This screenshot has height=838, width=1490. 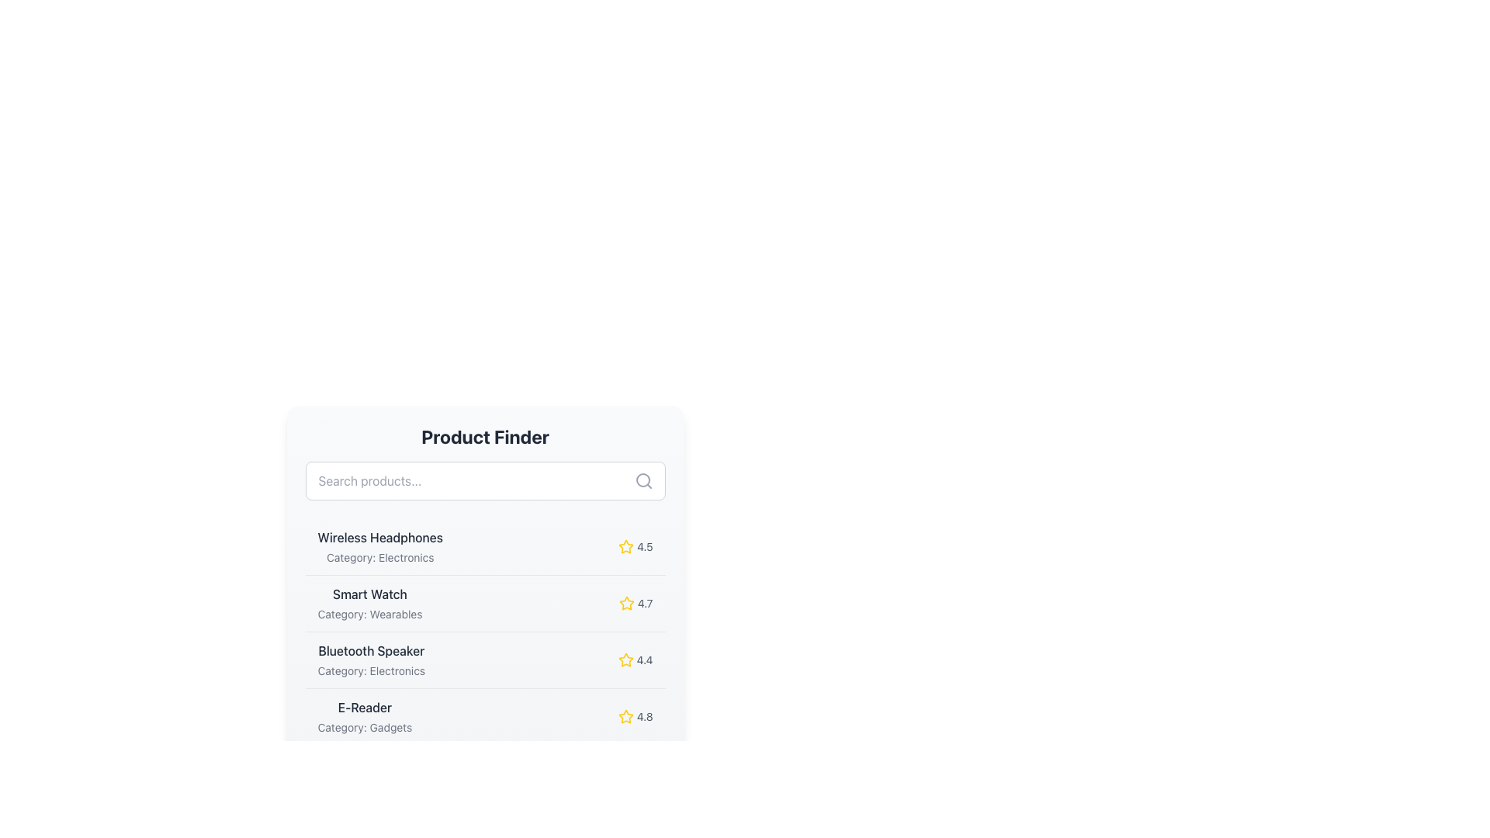 I want to click on the rating system icon located to the left of the text value '4.8', which indicates the score of an associated item in a list of entries, so click(x=625, y=717).